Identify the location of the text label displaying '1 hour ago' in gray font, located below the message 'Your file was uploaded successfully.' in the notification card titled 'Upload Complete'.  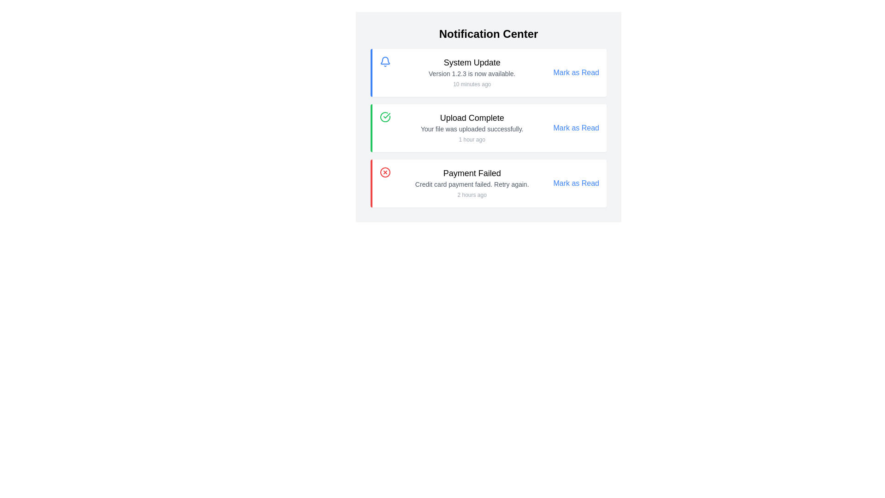
(472, 140).